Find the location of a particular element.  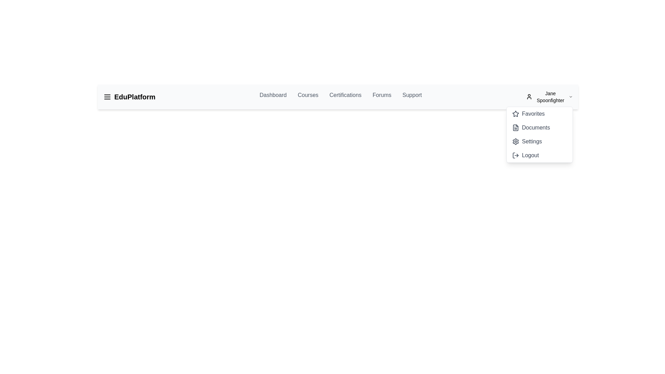

the branding text label located at the top-left side of the interface, adjacent is located at coordinates (129, 97).